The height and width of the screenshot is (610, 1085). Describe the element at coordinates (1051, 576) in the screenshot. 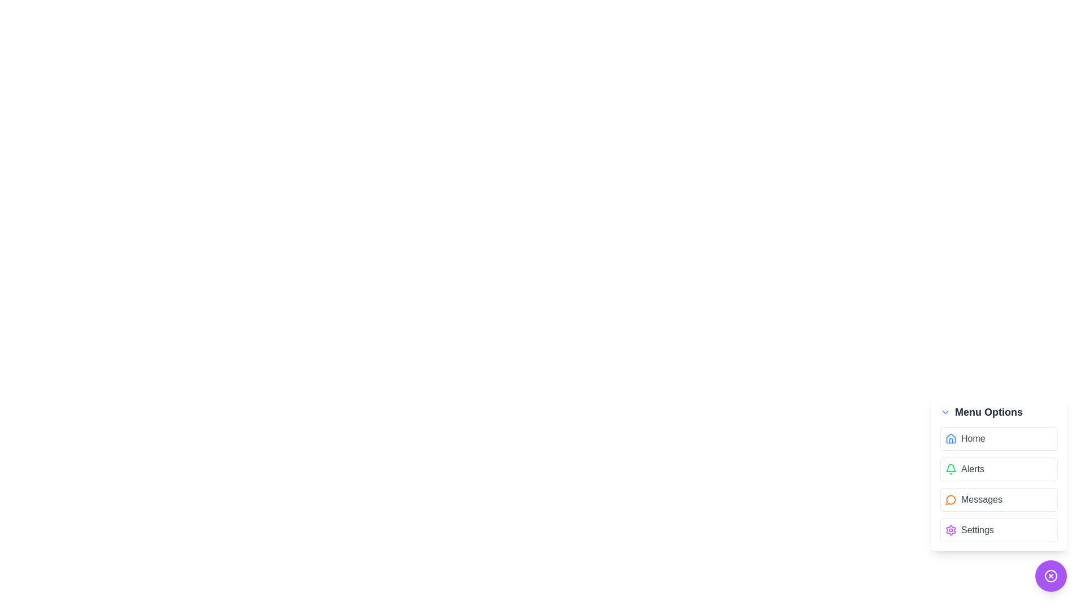

I see `the dismiss button located at the lower-right corner of the menu interface` at that location.